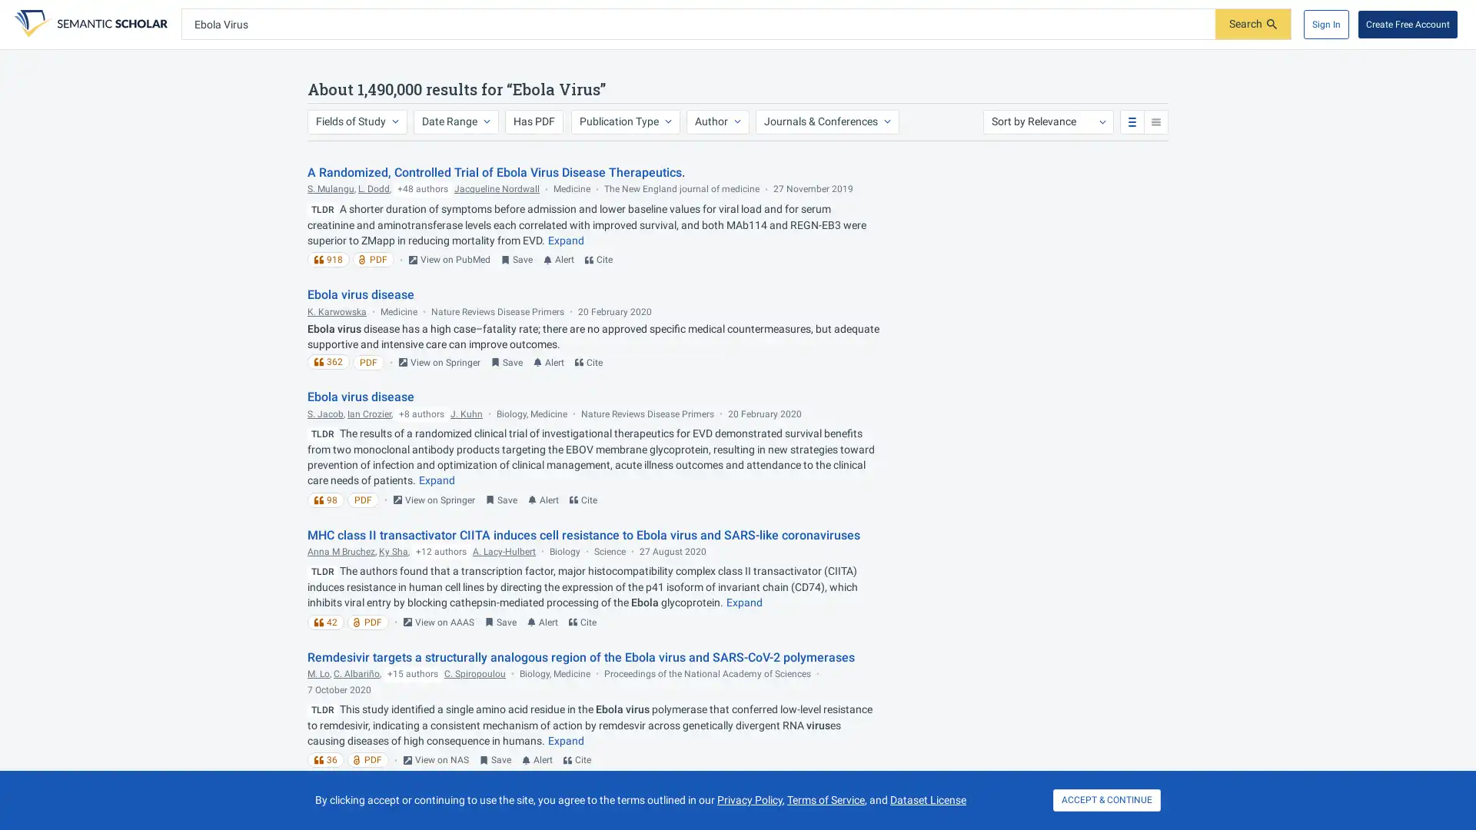  Describe the element at coordinates (565, 240) in the screenshot. I see `Expand truncated text` at that location.